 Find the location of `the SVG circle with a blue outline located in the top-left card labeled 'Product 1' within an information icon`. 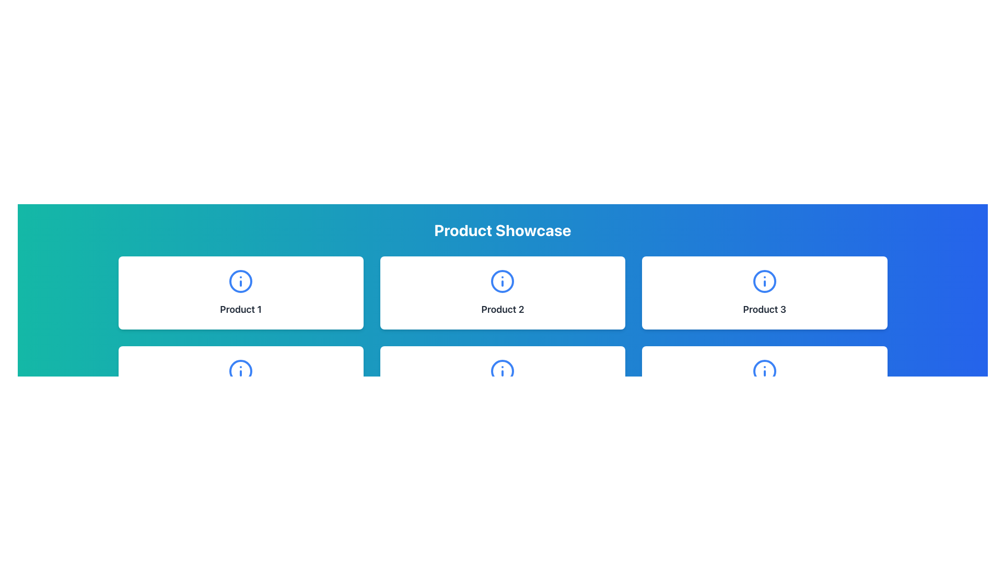

the SVG circle with a blue outline located in the top-left card labeled 'Product 1' within an information icon is located at coordinates (240, 281).